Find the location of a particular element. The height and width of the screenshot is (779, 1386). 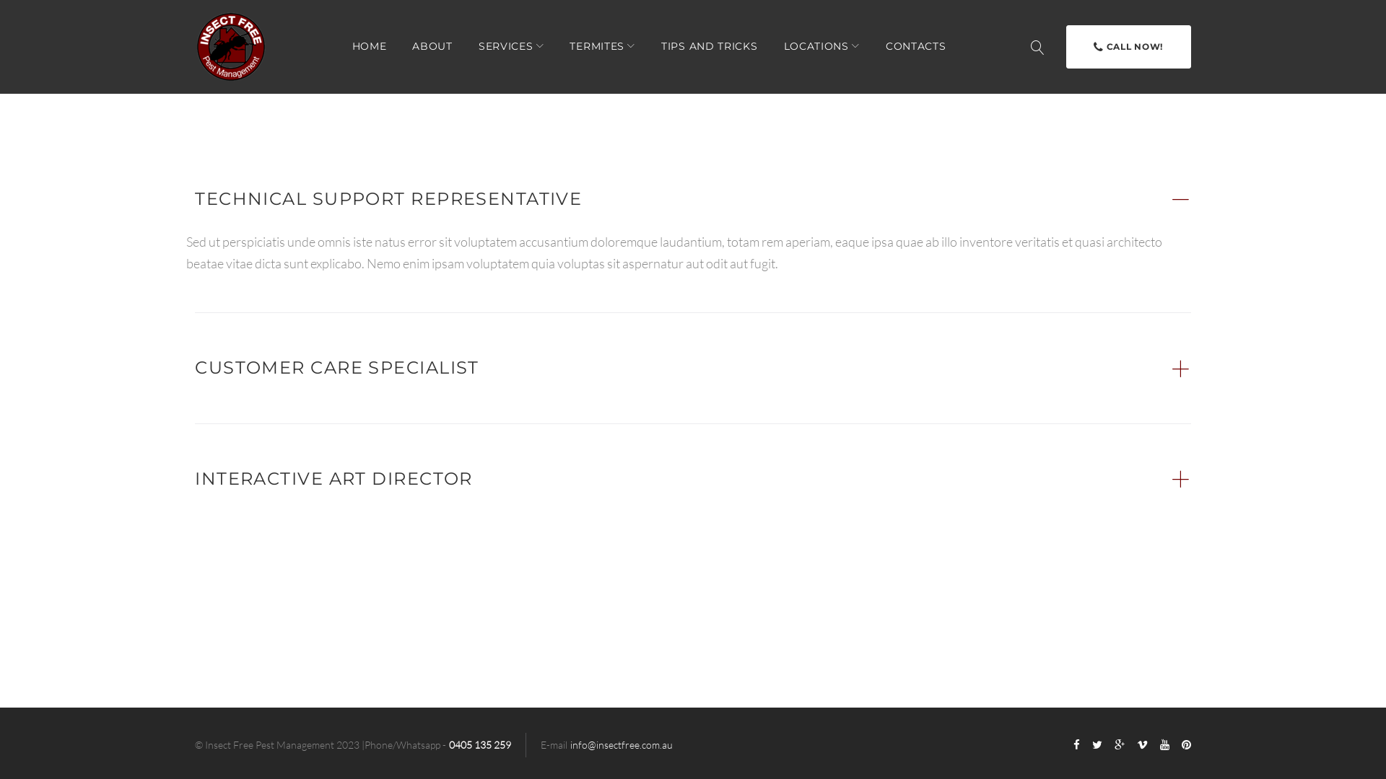

'TIPS AND TRICKS' is located at coordinates (710, 45).